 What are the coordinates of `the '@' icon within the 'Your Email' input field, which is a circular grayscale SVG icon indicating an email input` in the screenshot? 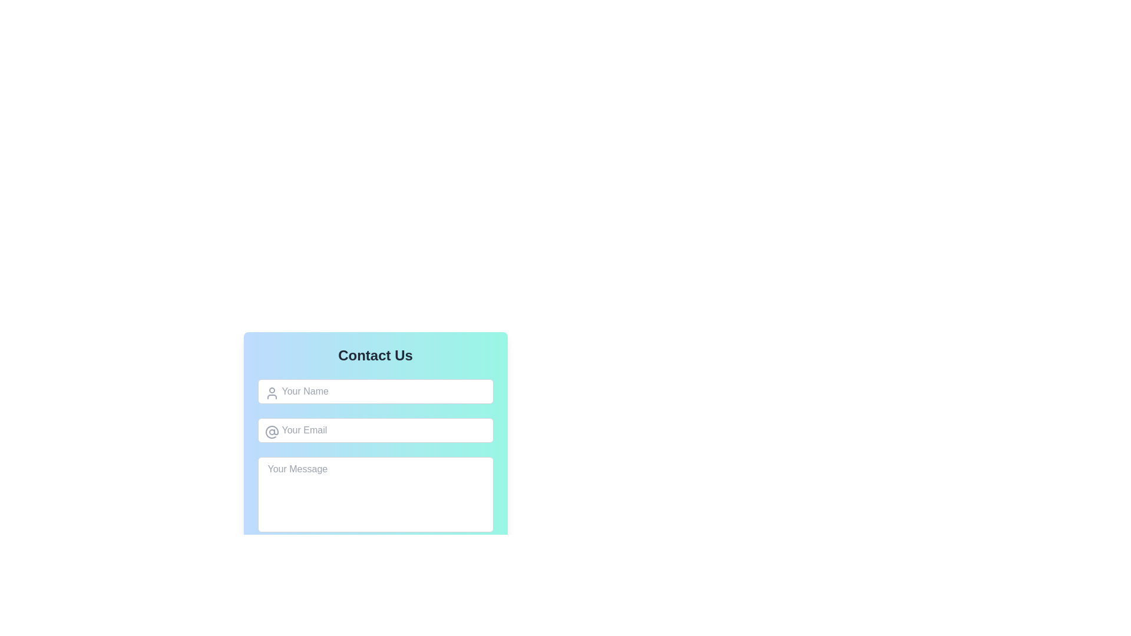 It's located at (271, 432).